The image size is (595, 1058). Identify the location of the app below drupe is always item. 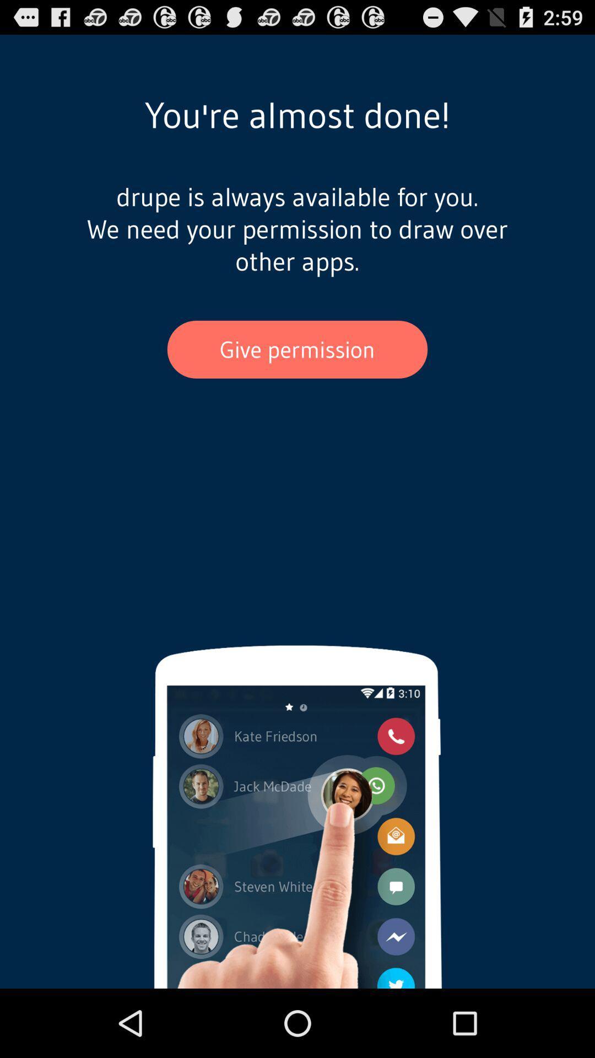
(297, 349).